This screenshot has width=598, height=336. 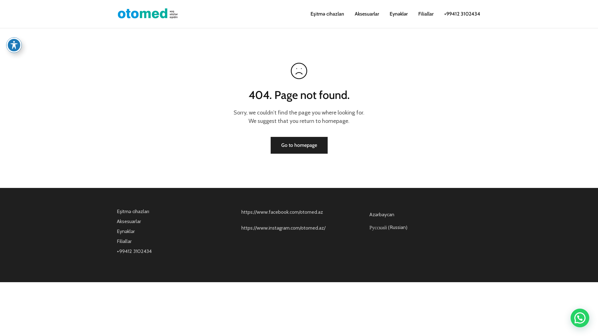 I want to click on '+99412 3102434', so click(x=443, y=14).